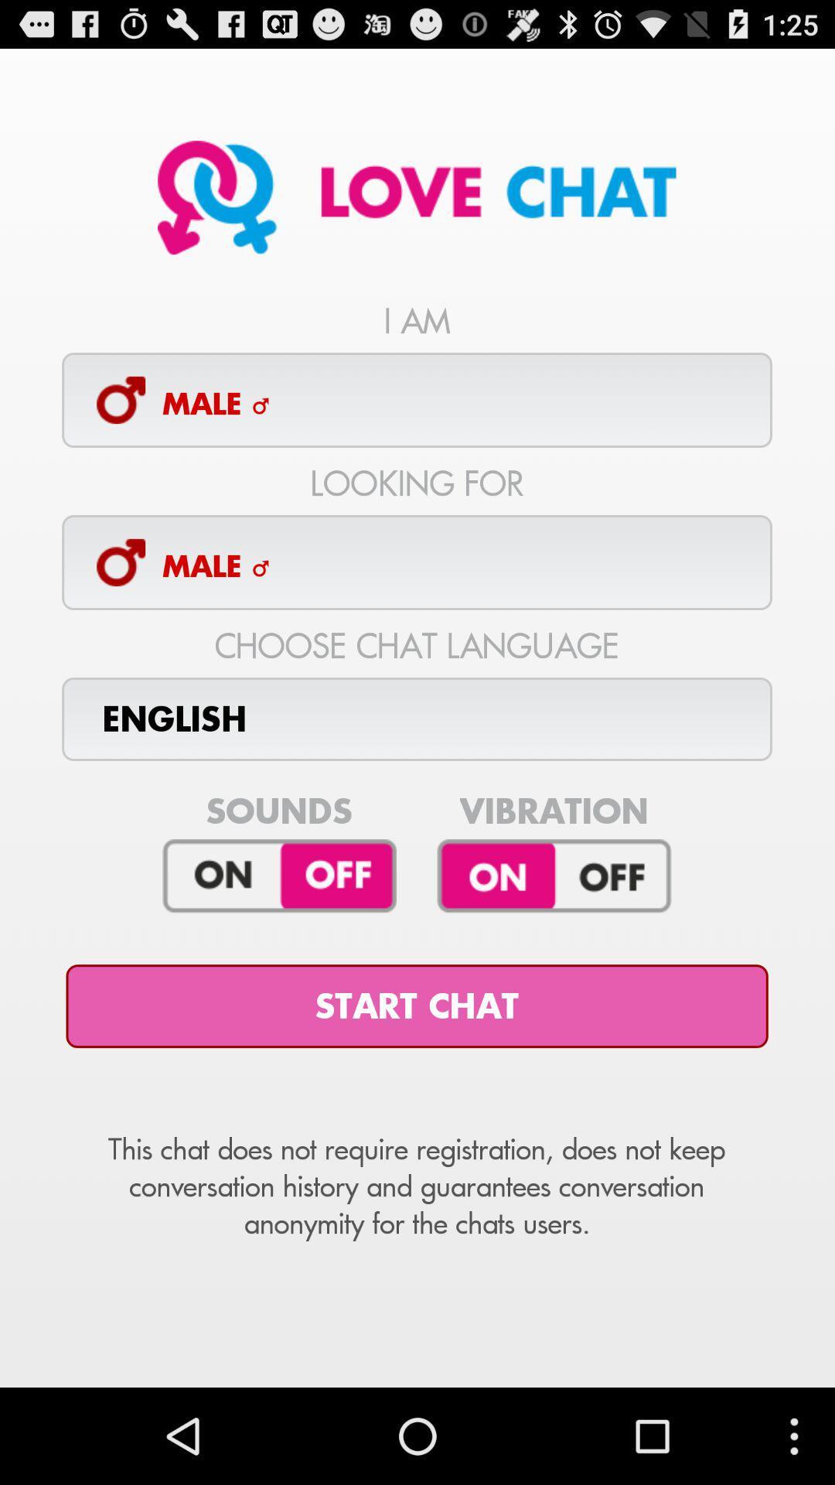  I want to click on item above the this chat does, so click(416, 1006).